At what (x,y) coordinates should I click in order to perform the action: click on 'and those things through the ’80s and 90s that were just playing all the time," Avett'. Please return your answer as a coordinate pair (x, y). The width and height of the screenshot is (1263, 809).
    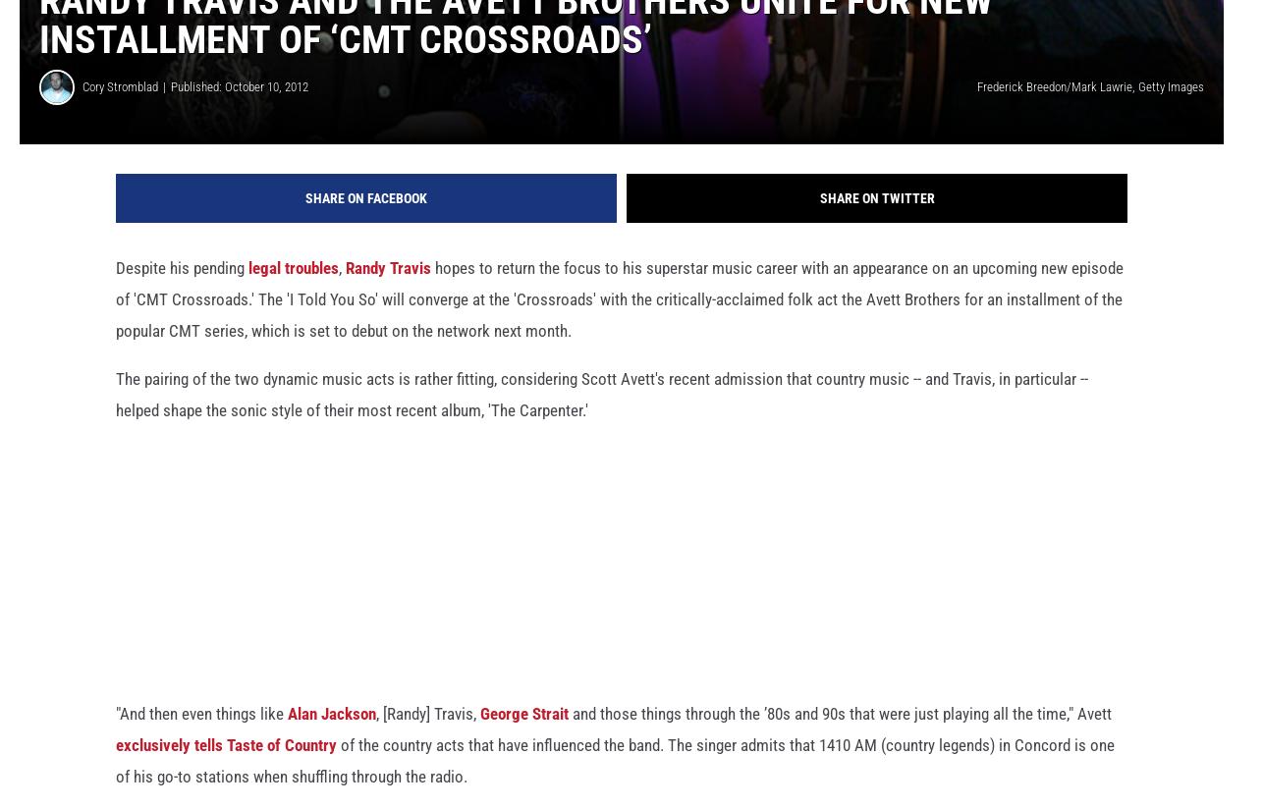
    Looking at the image, I should click on (567, 730).